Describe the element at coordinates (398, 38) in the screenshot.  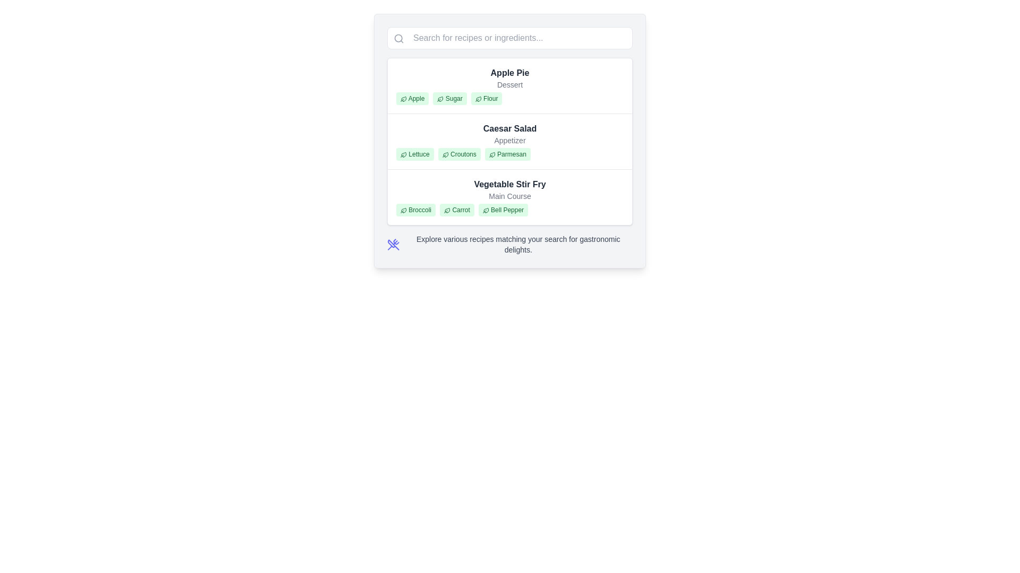
I see `the search icon located at the extreme left of the search bar` at that location.